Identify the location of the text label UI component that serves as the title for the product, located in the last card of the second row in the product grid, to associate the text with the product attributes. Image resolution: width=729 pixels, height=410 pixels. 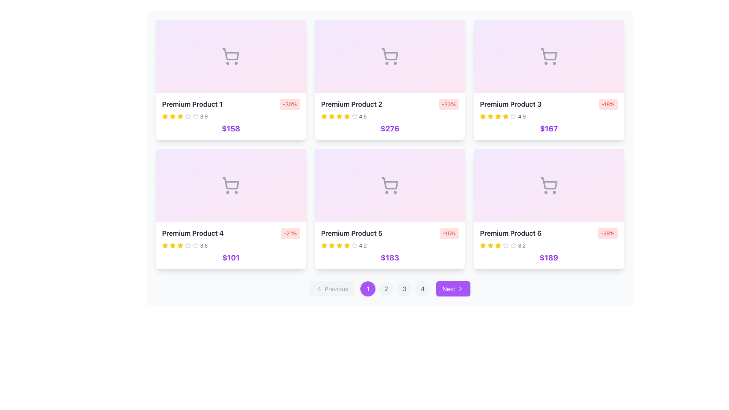
(511, 233).